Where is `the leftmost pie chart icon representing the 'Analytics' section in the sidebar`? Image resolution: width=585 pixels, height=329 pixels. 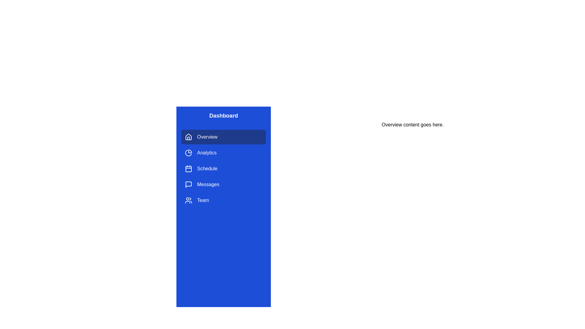 the leftmost pie chart icon representing the 'Analytics' section in the sidebar is located at coordinates (188, 152).